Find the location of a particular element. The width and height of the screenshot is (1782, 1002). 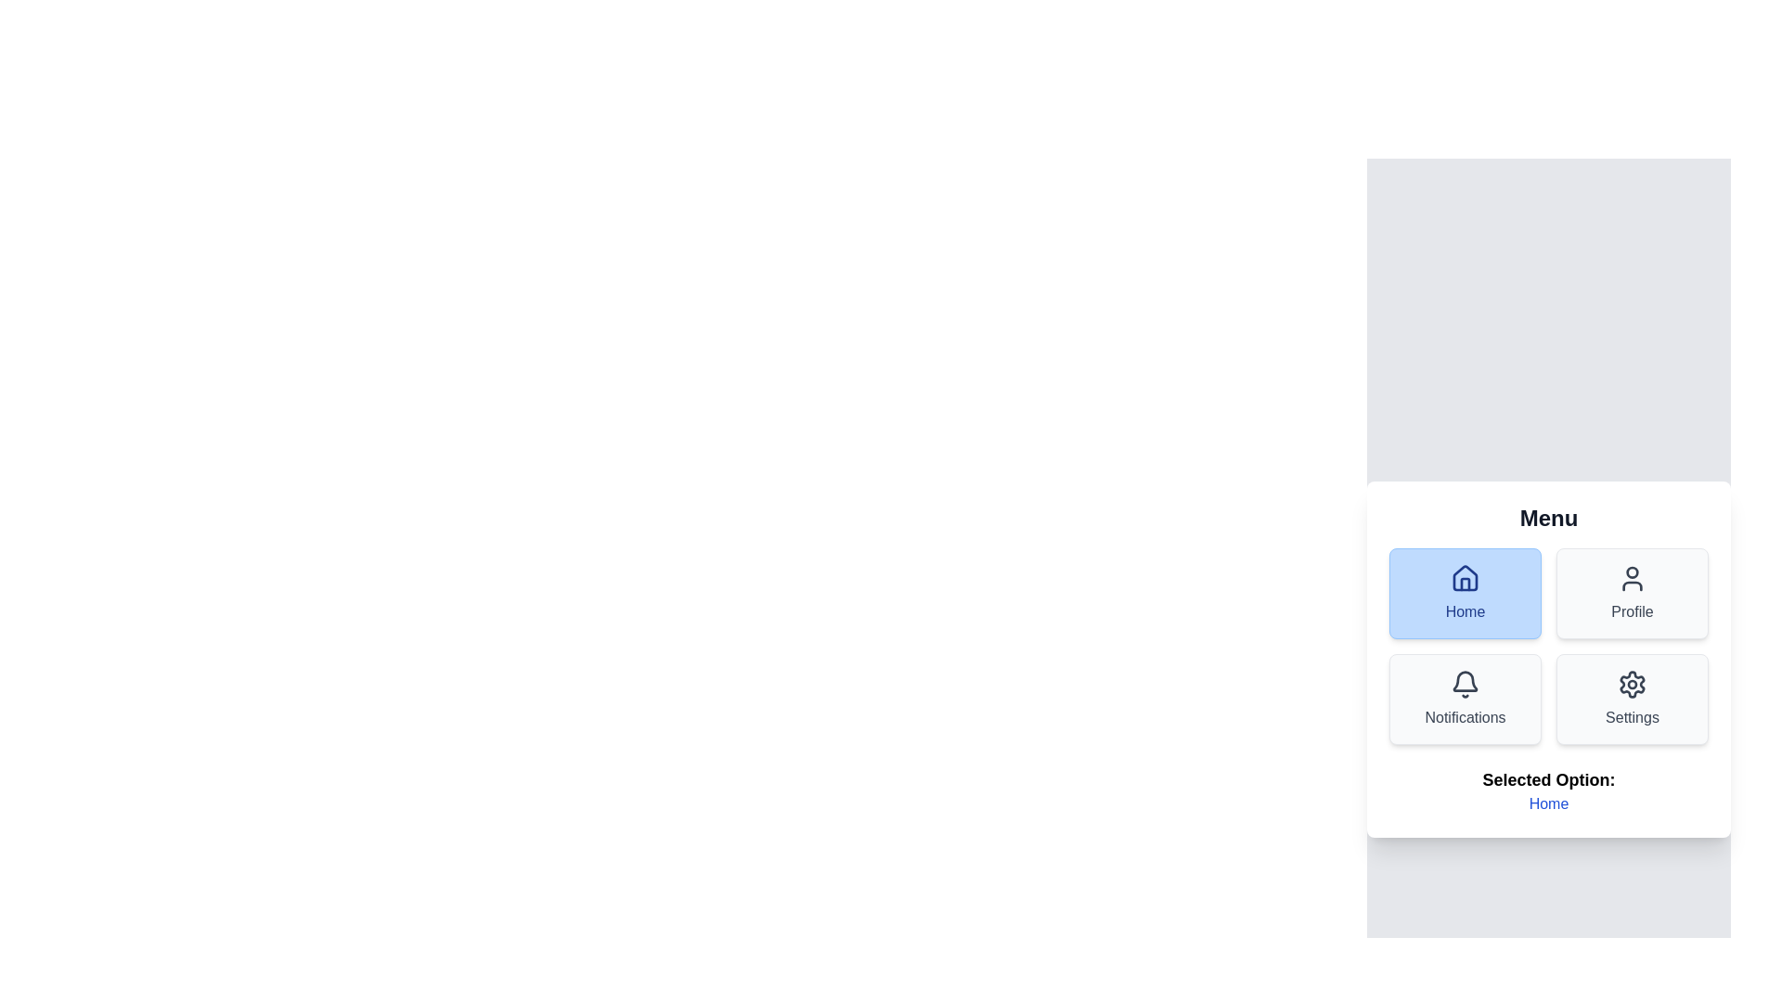

the menu option Settings is located at coordinates (1631, 699).